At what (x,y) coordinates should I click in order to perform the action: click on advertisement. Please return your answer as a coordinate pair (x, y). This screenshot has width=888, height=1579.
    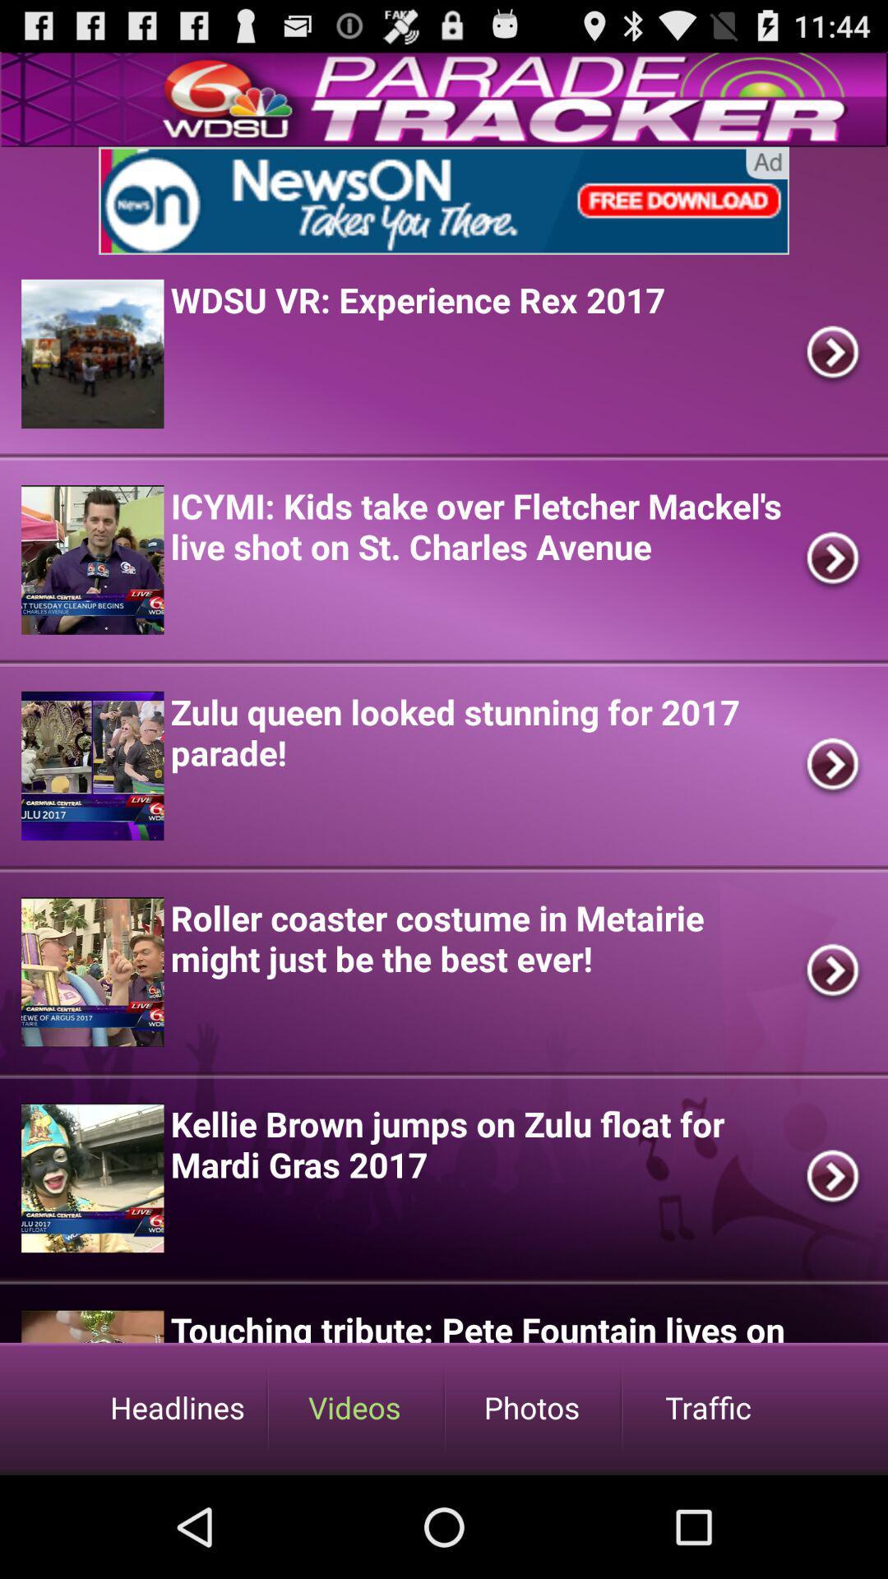
    Looking at the image, I should click on (444, 200).